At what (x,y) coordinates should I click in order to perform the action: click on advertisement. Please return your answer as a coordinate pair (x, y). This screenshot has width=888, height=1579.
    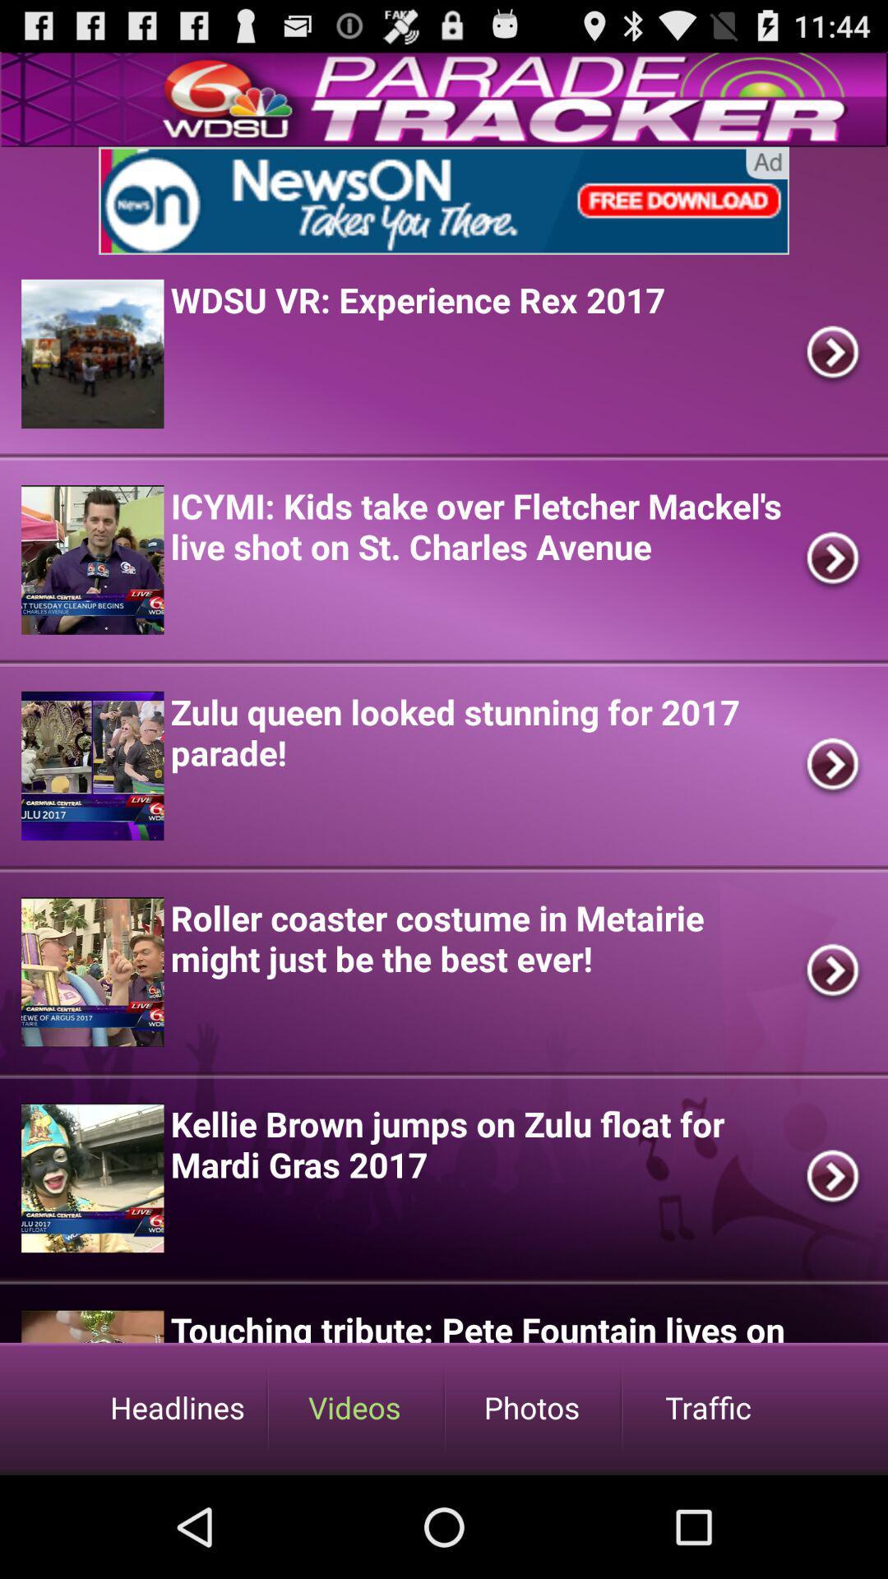
    Looking at the image, I should click on (444, 200).